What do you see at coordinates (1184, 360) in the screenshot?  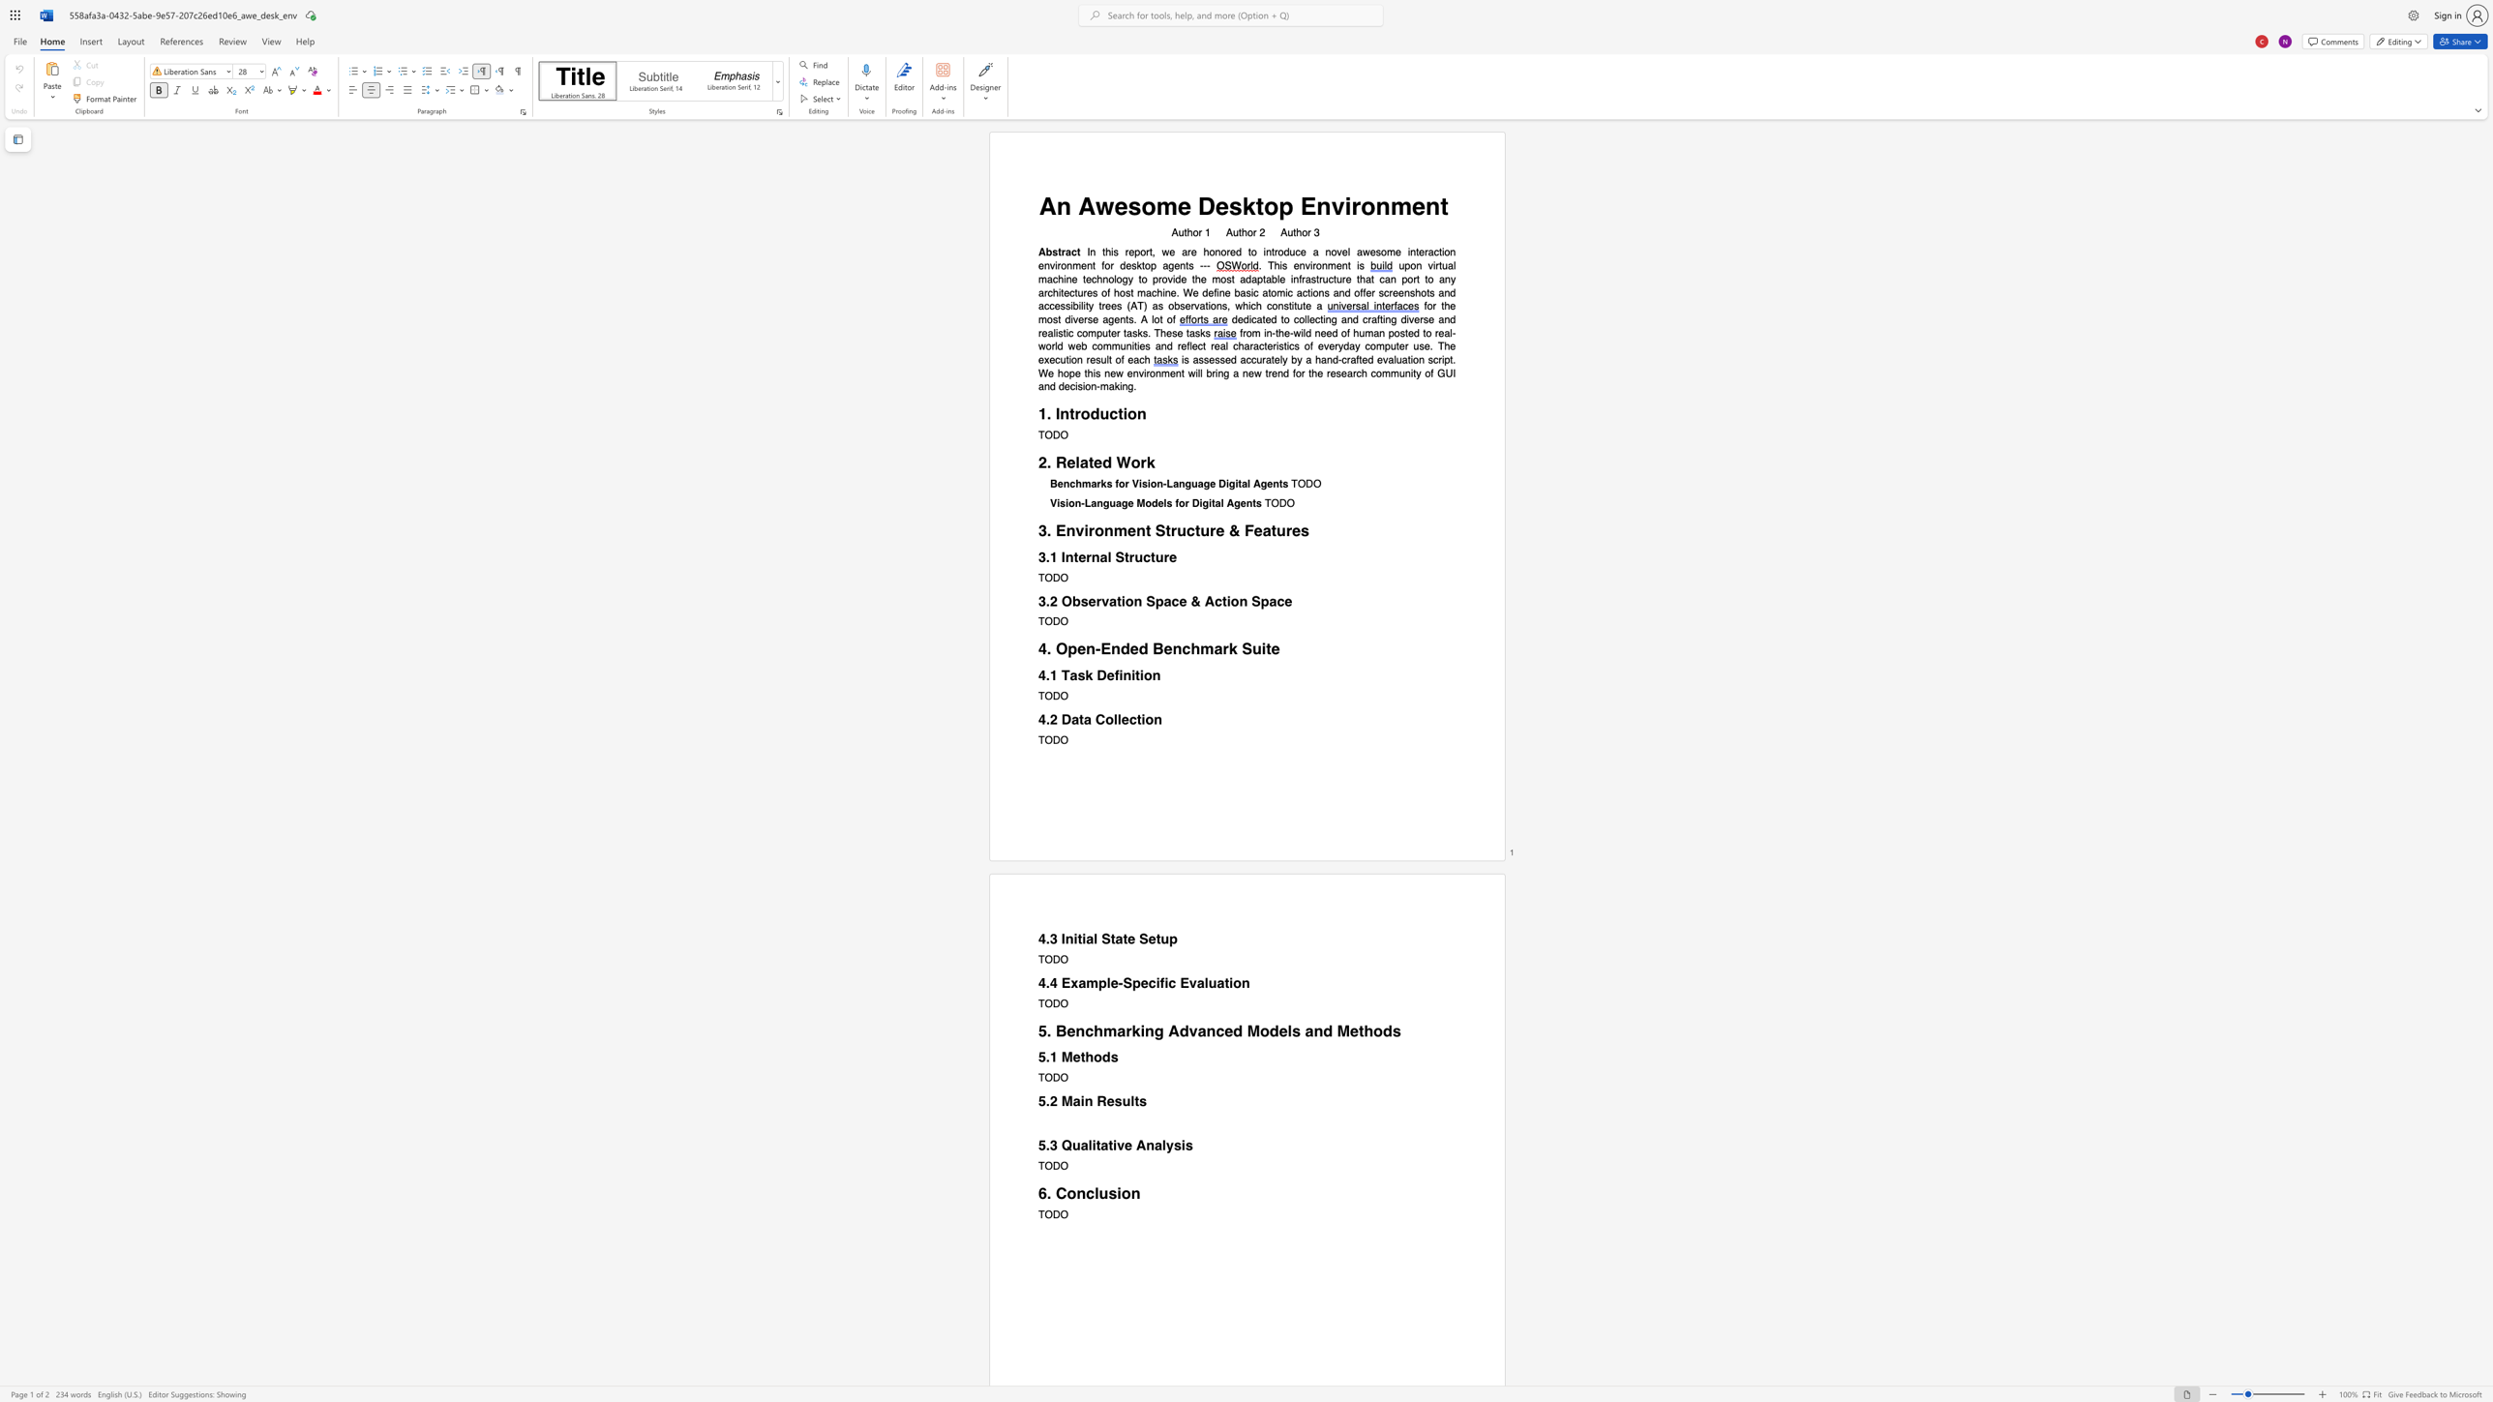 I see `the subset text "s assessed accurately by a" within the text "is assessed accurately by a hand-crafted evaluation script. We hope this"` at bounding box center [1184, 360].